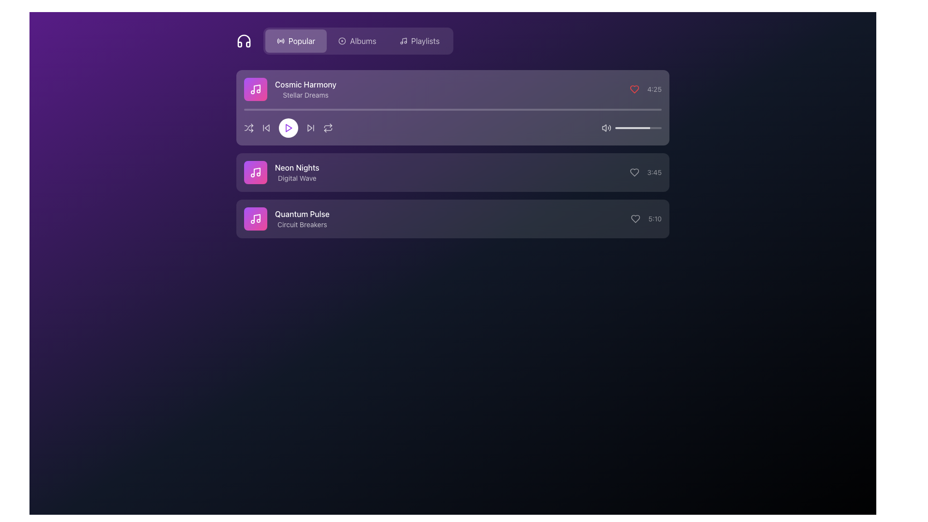 This screenshot has width=928, height=522. What do you see at coordinates (255, 172) in the screenshot?
I see `the square icon featuring a gradient color scheme from purple to pink with a white music note symbol, positioned next to the text 'Neon Nights' and 'Digital Wave'` at bounding box center [255, 172].